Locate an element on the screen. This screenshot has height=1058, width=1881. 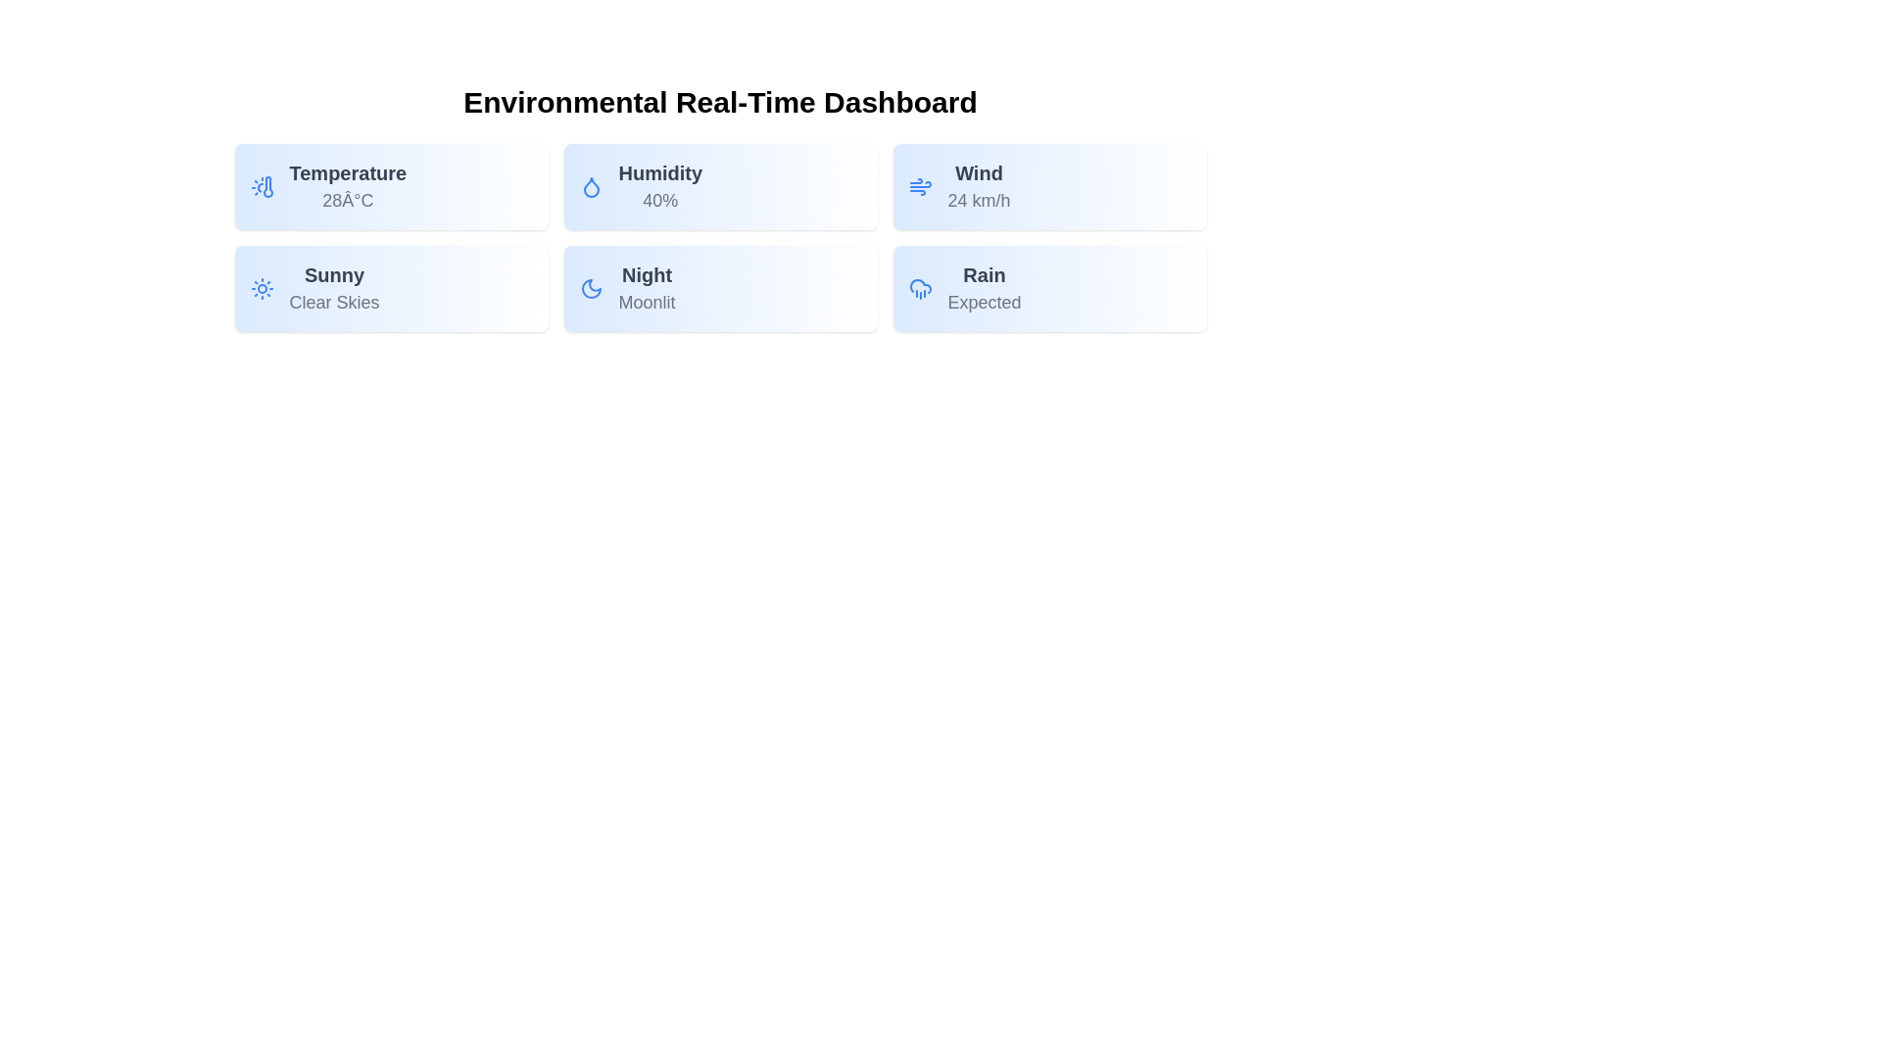
the static text display showing '28Â°C' in gray font below the 'Temperature' title in the card-like interface is located at coordinates (348, 200).